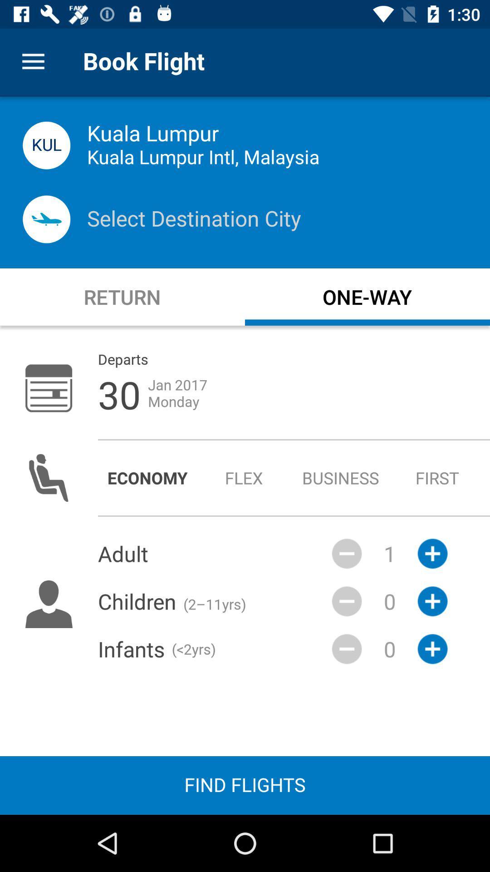 Image resolution: width=490 pixels, height=872 pixels. I want to click on flex, so click(244, 477).